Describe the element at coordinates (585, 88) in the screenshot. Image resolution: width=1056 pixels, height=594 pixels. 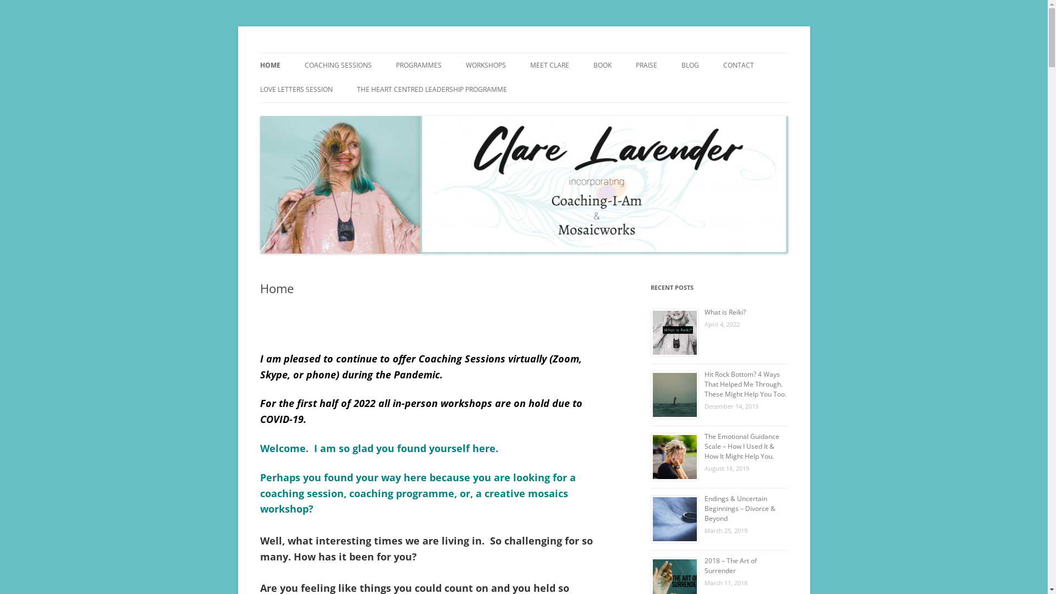
I see `'MY TRAINING'` at that location.